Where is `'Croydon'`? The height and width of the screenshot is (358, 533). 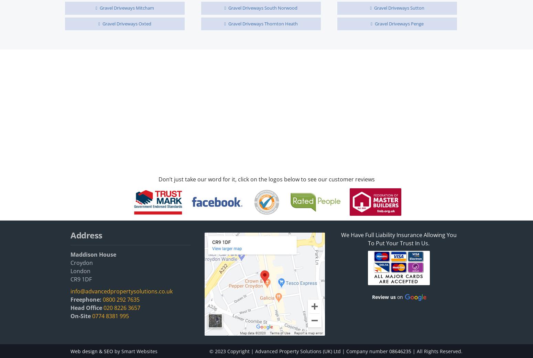 'Croydon' is located at coordinates (81, 262).